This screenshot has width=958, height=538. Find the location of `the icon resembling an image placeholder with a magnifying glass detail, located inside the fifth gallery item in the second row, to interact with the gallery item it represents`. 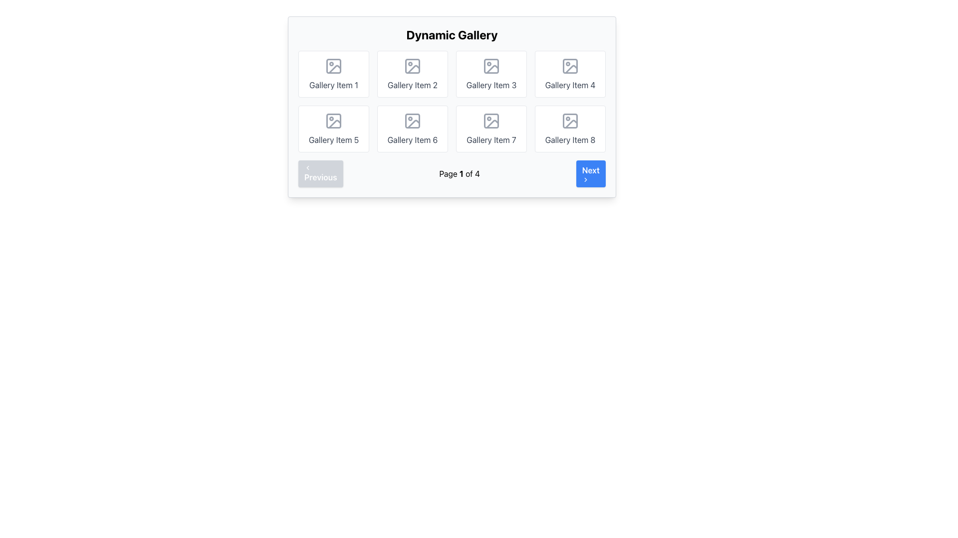

the icon resembling an image placeholder with a magnifying glass detail, located inside the fifth gallery item in the second row, to interact with the gallery item it represents is located at coordinates (333, 121).